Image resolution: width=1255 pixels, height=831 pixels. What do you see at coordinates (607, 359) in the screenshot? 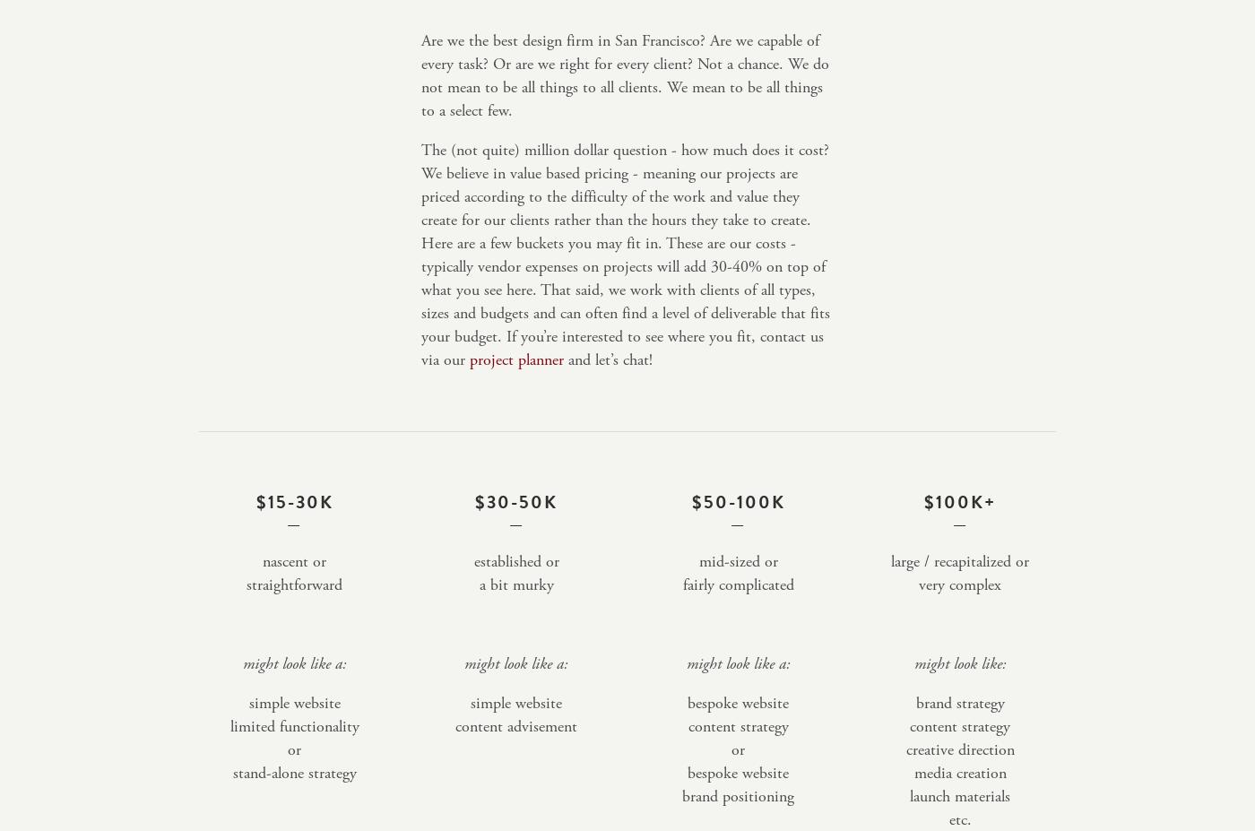
I see `'and let’s chat!'` at bounding box center [607, 359].